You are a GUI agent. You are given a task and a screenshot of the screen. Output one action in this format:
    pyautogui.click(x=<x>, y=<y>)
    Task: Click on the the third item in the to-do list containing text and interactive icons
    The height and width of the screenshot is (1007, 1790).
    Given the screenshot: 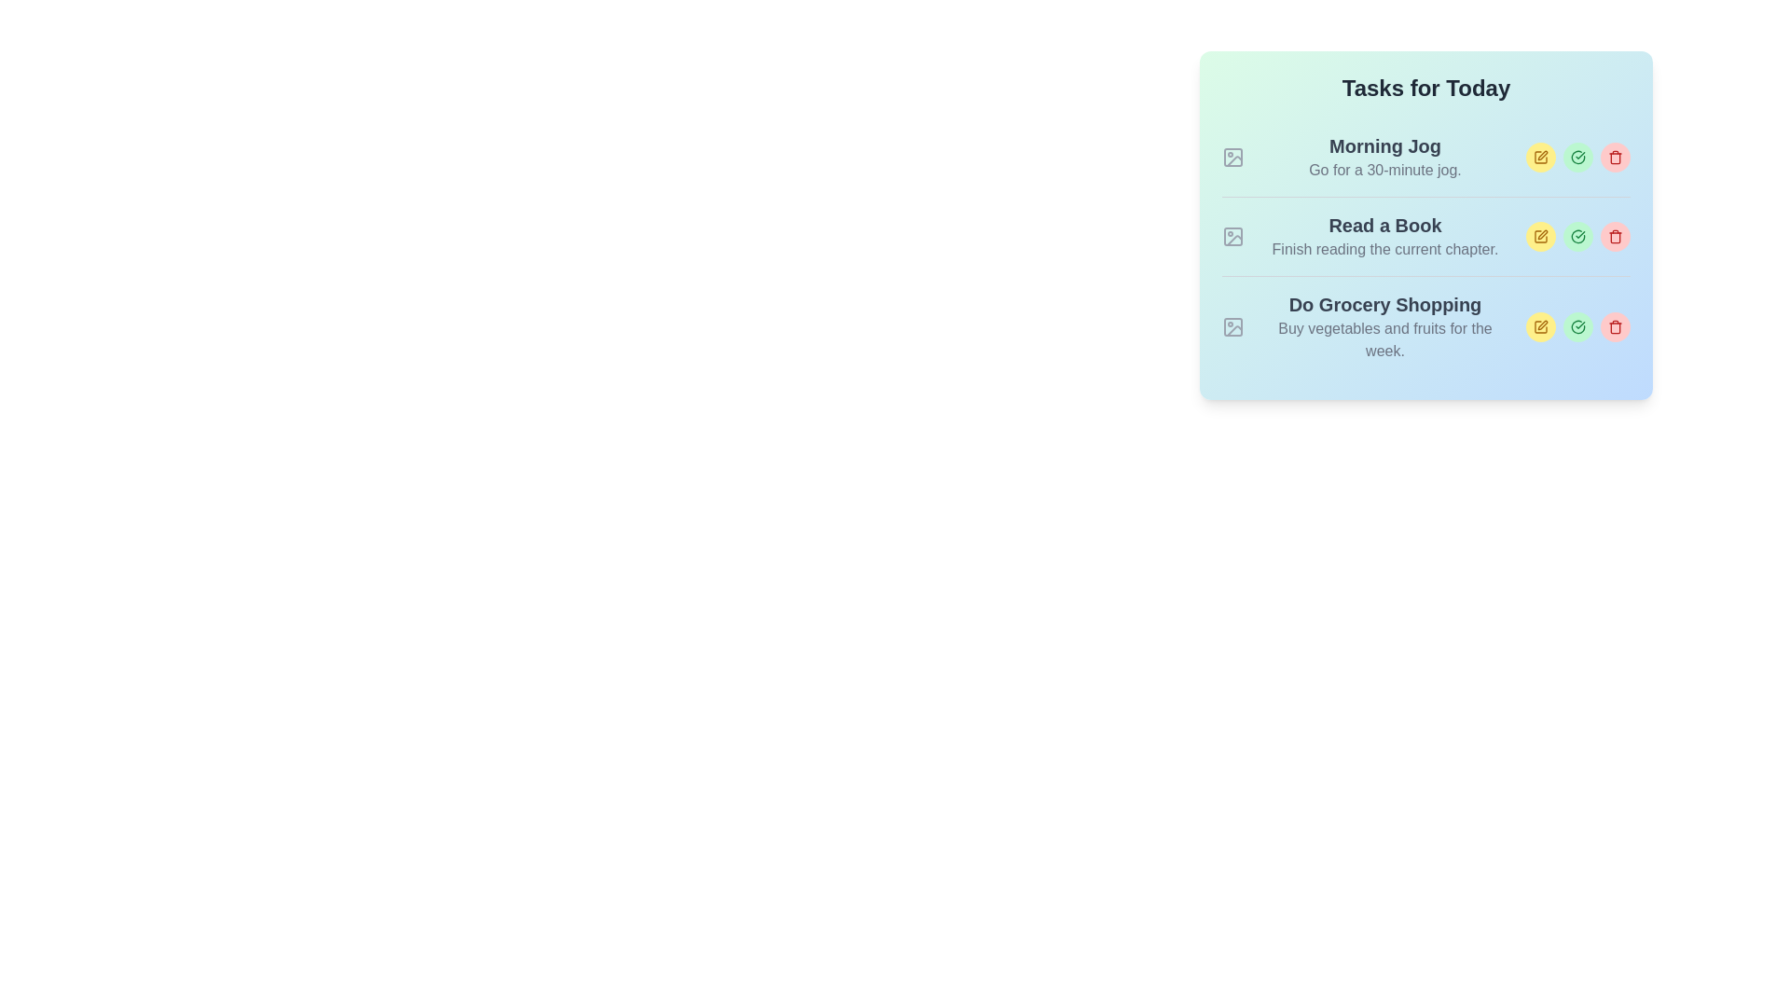 What is the action you would take?
    pyautogui.click(x=1425, y=325)
    